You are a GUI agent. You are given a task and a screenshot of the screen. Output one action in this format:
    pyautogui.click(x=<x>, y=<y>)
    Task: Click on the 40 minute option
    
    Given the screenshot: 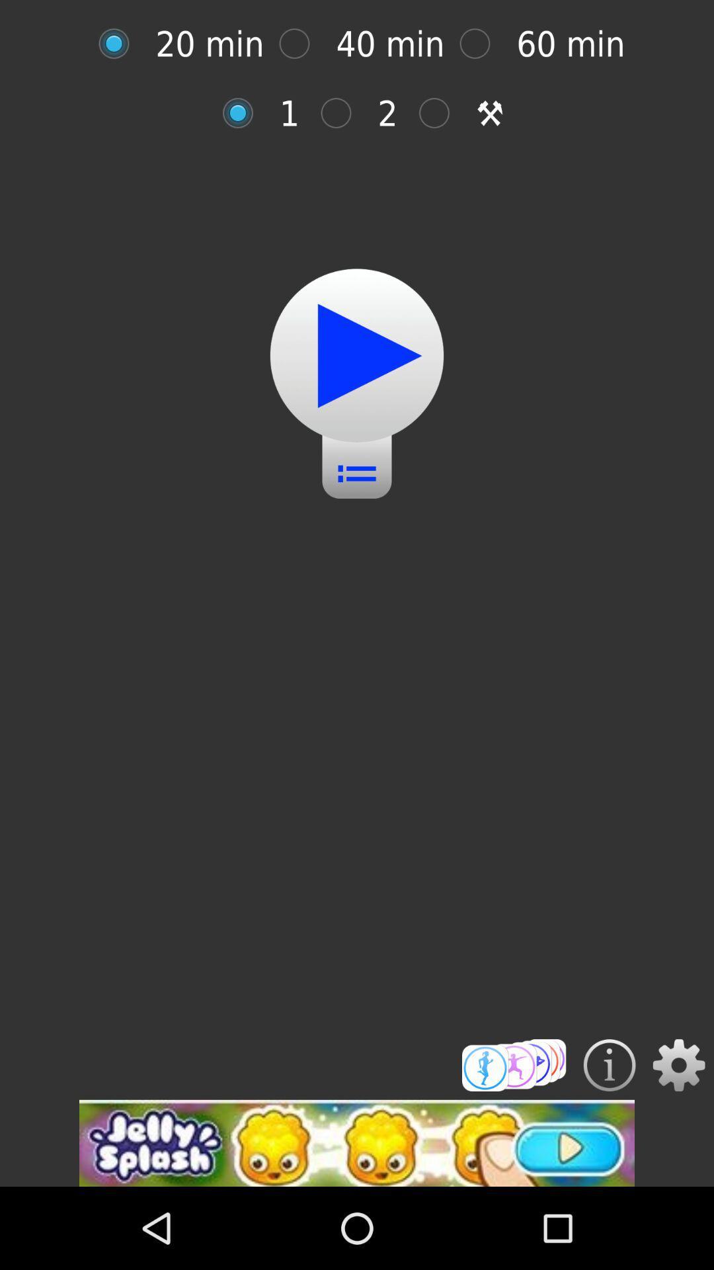 What is the action you would take?
    pyautogui.click(x=301, y=44)
    